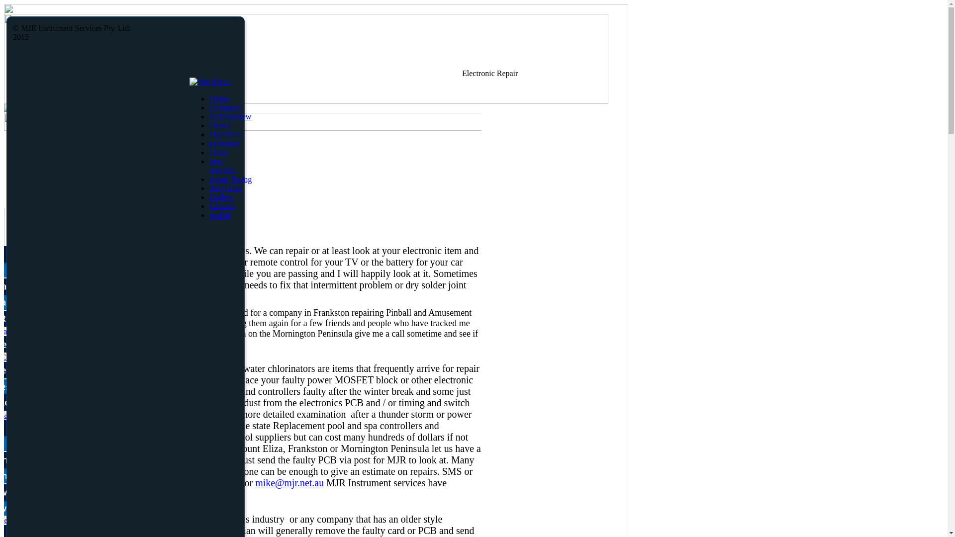  What do you see at coordinates (224, 107) in the screenshot?
I see `'Computer'` at bounding box center [224, 107].